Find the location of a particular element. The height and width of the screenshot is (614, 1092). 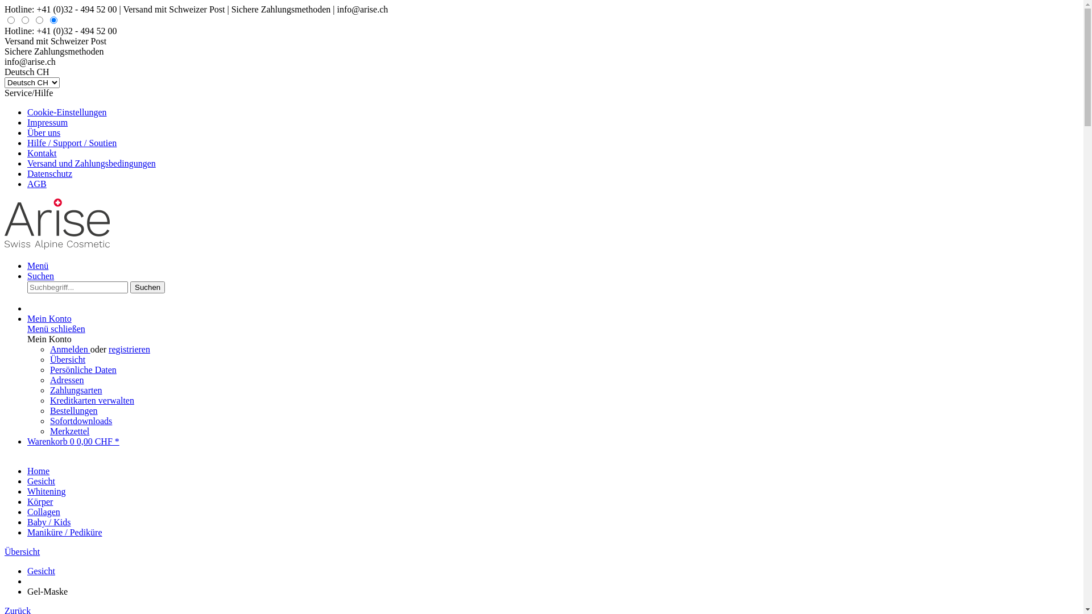

'AGB' is located at coordinates (27, 183).